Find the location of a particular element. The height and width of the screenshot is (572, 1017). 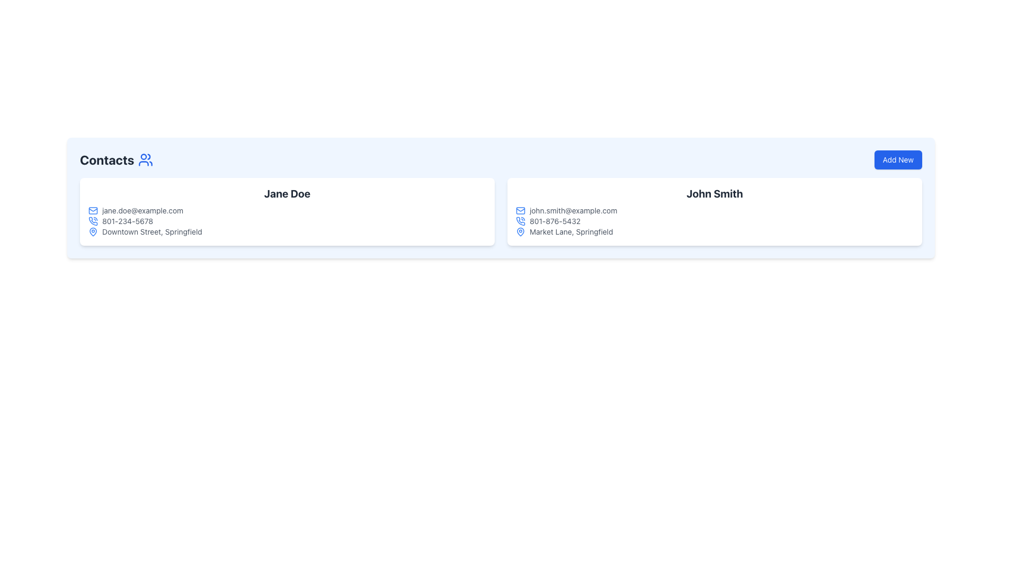

the Icon component located in the second column of the contact list, directly below John Smith's name and to the left of the address text 'Market Lane, Springfield' is located at coordinates (521, 230).